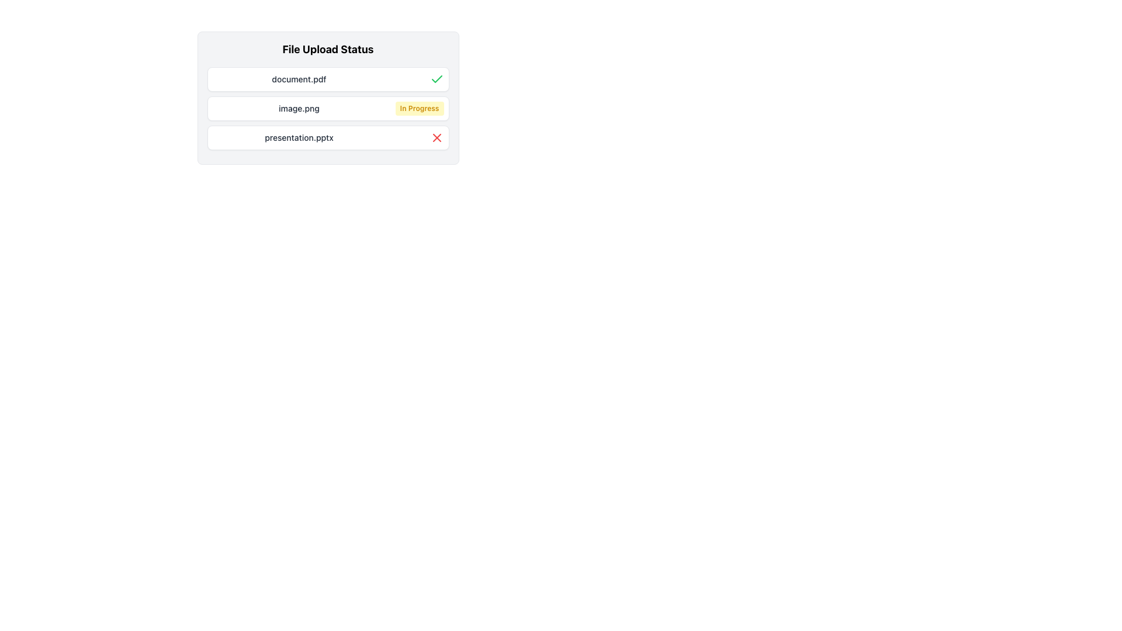 The height and width of the screenshot is (631, 1122). I want to click on the green checkmark icon that signifies success, located to the far right of the 'document.pdf' filename, so click(436, 79).